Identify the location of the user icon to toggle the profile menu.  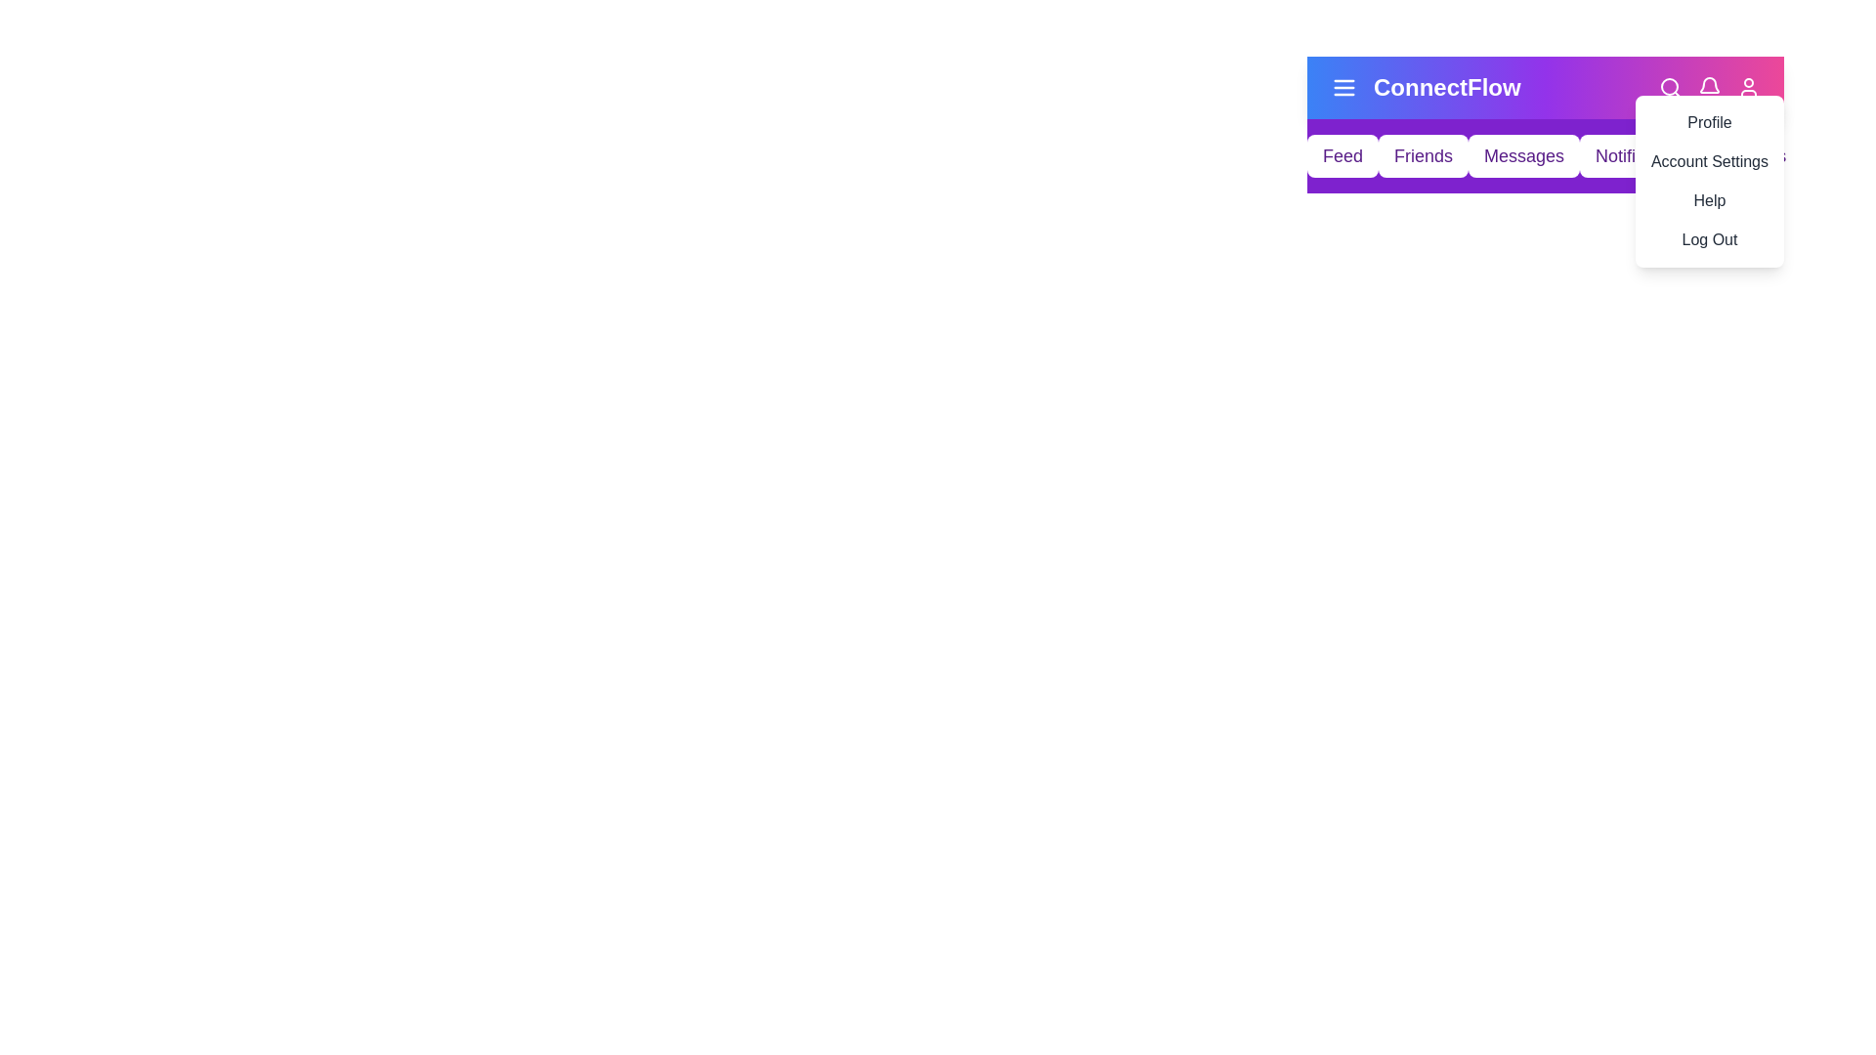
(1749, 86).